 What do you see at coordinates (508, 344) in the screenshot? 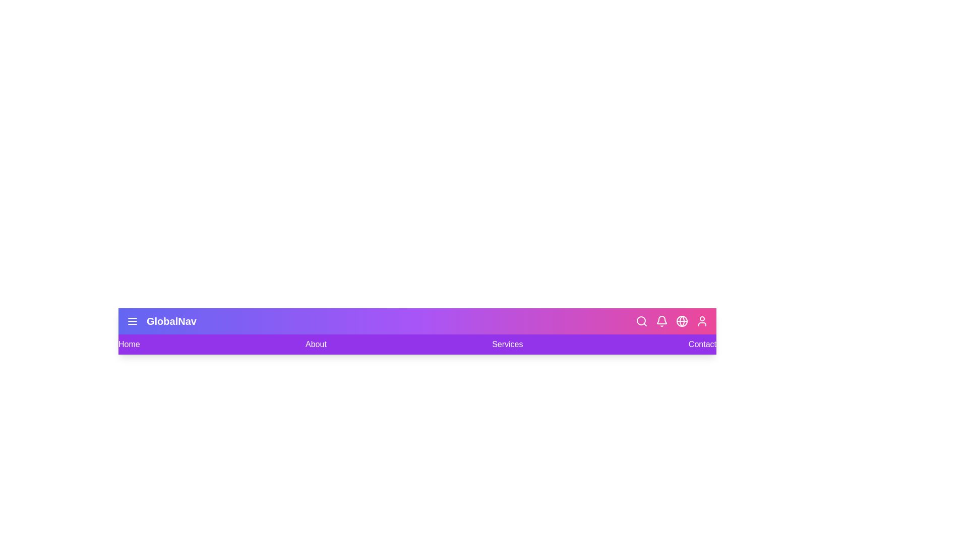
I see `the navigation link labeled Services` at bounding box center [508, 344].